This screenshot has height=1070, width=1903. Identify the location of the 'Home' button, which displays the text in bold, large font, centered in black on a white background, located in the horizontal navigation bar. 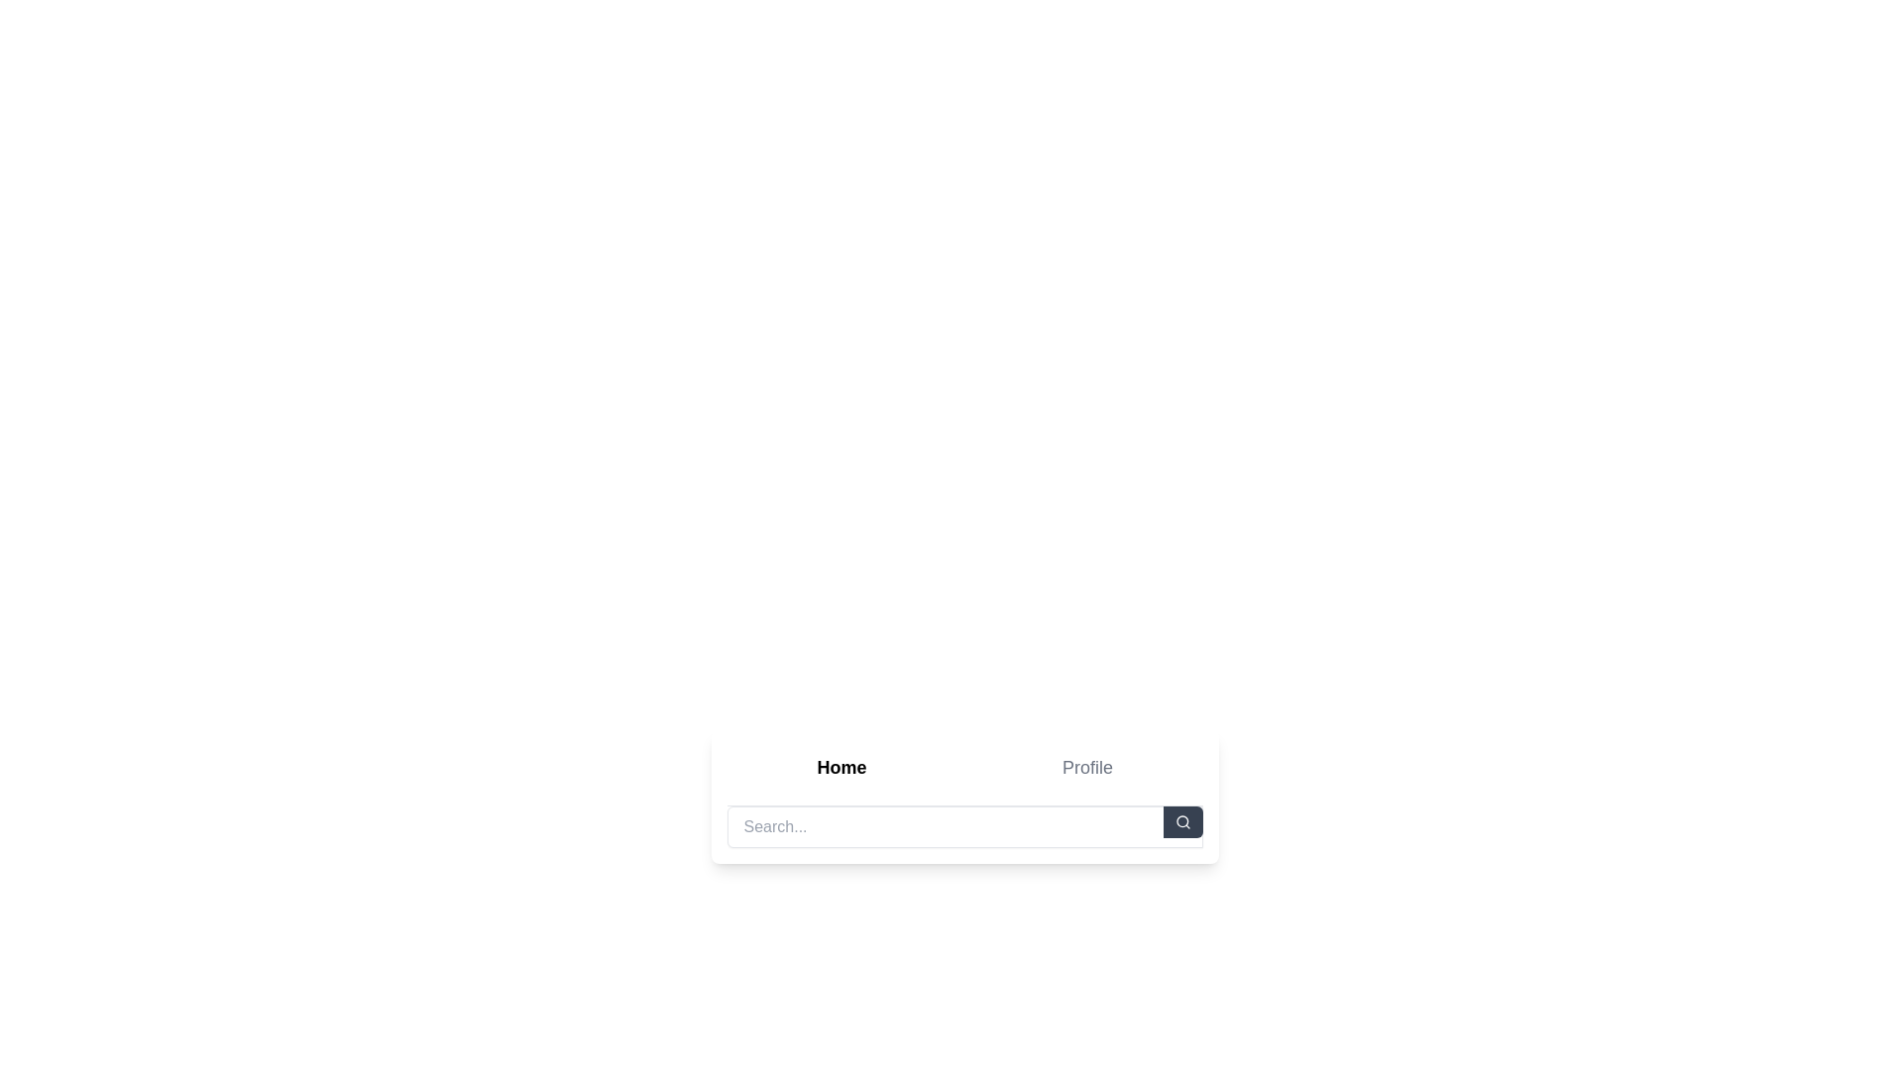
(841, 767).